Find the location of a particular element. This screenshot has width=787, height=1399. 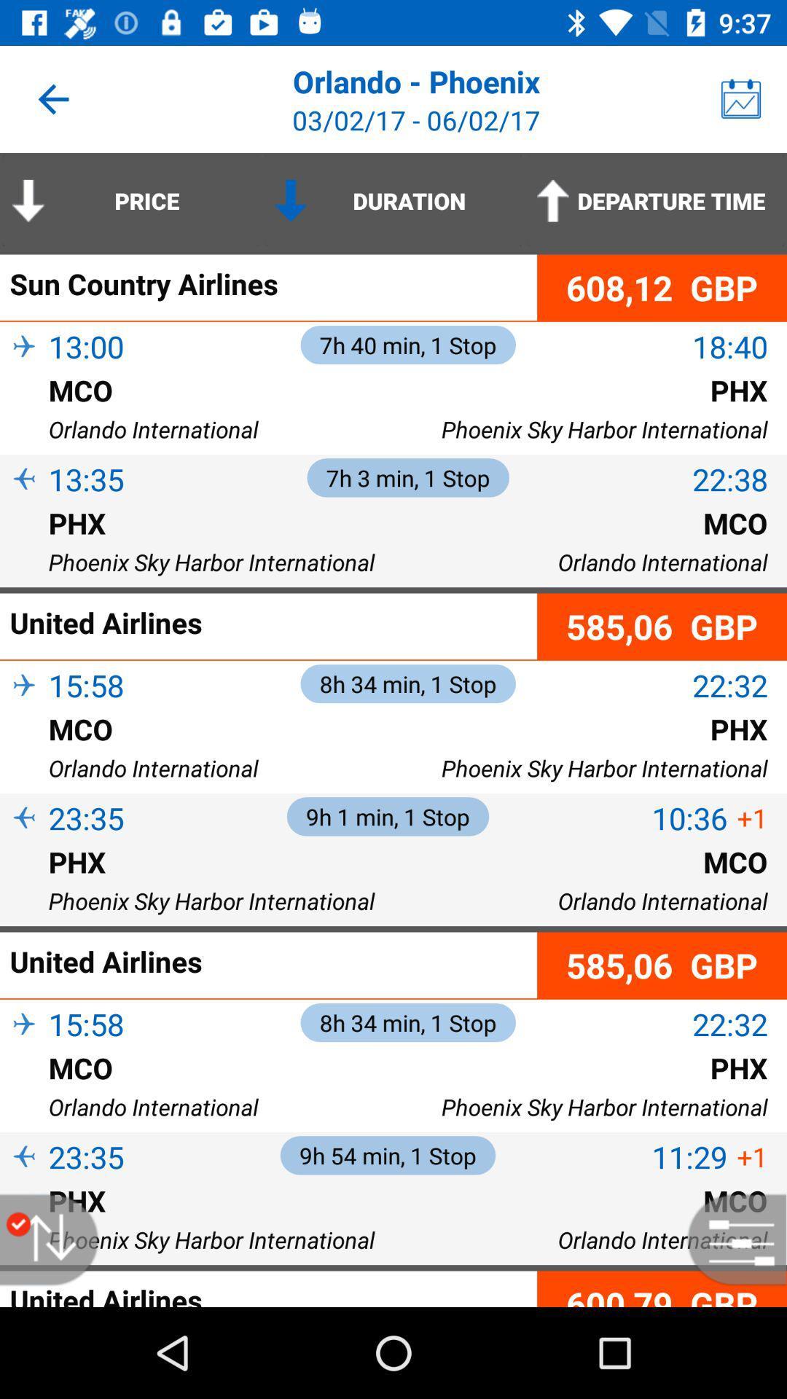

chec flights is located at coordinates (729, 1239).